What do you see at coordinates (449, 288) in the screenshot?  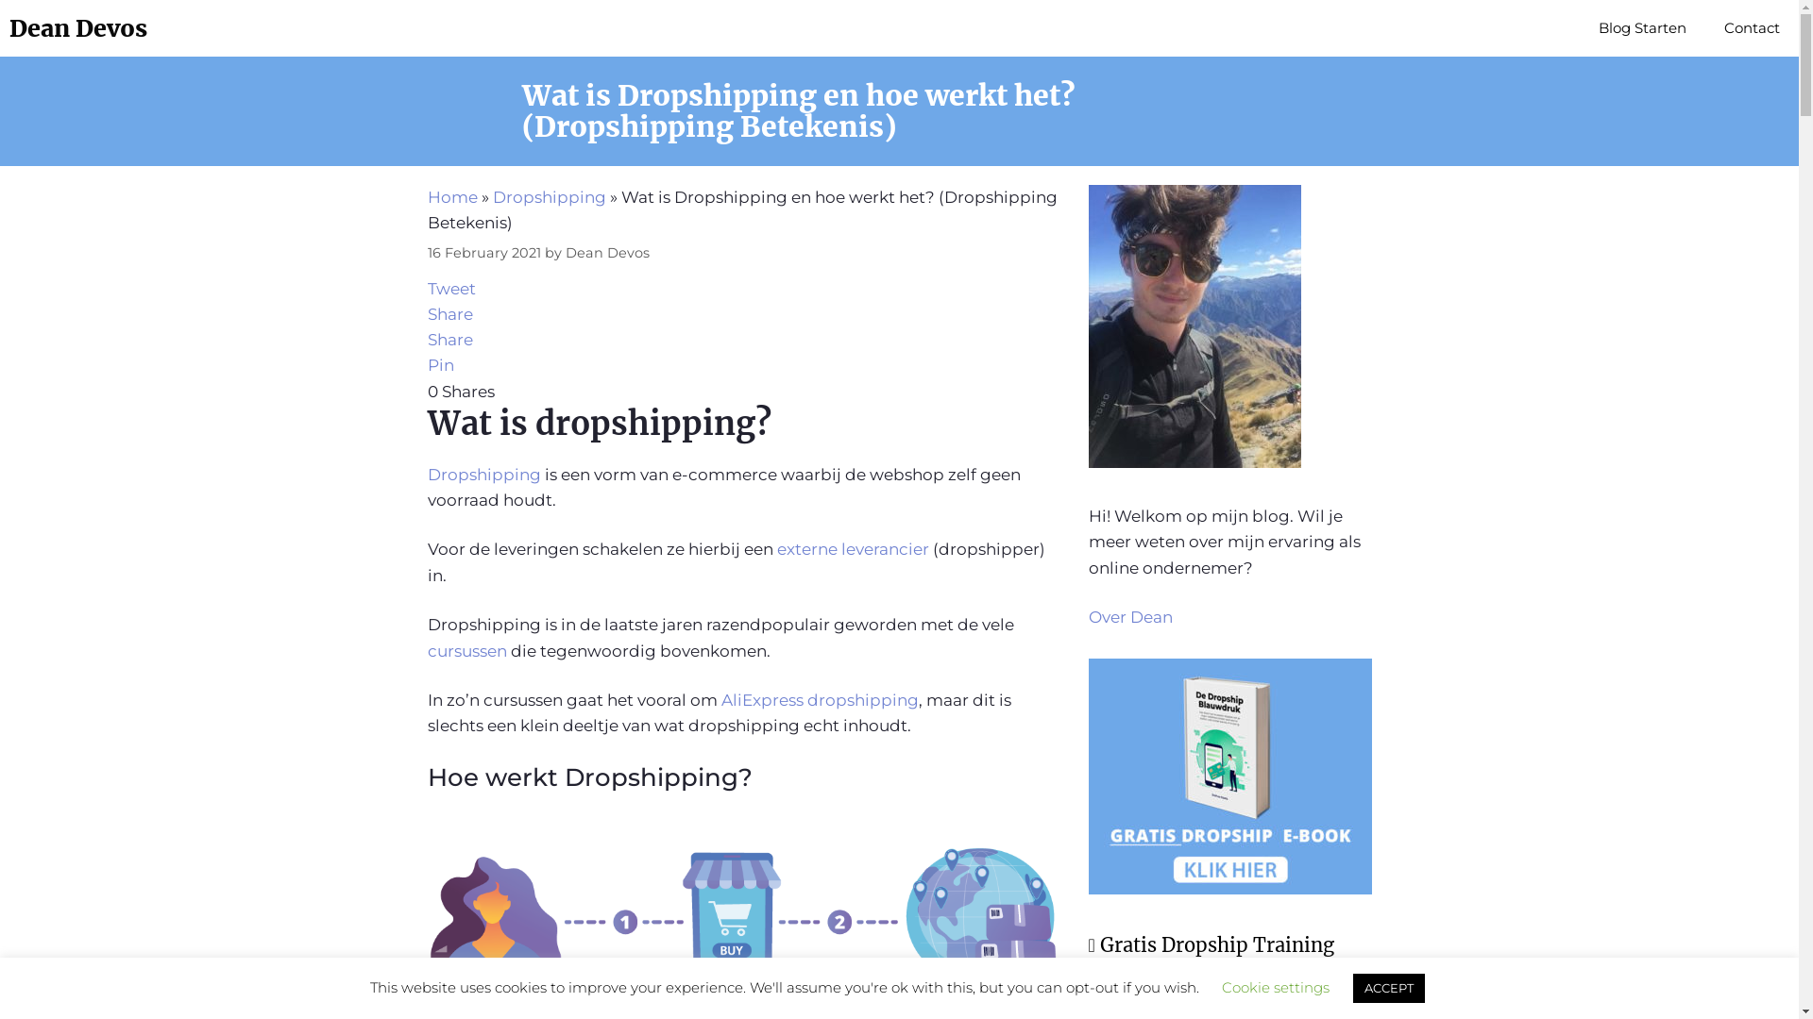 I see `'Tweet'` at bounding box center [449, 288].